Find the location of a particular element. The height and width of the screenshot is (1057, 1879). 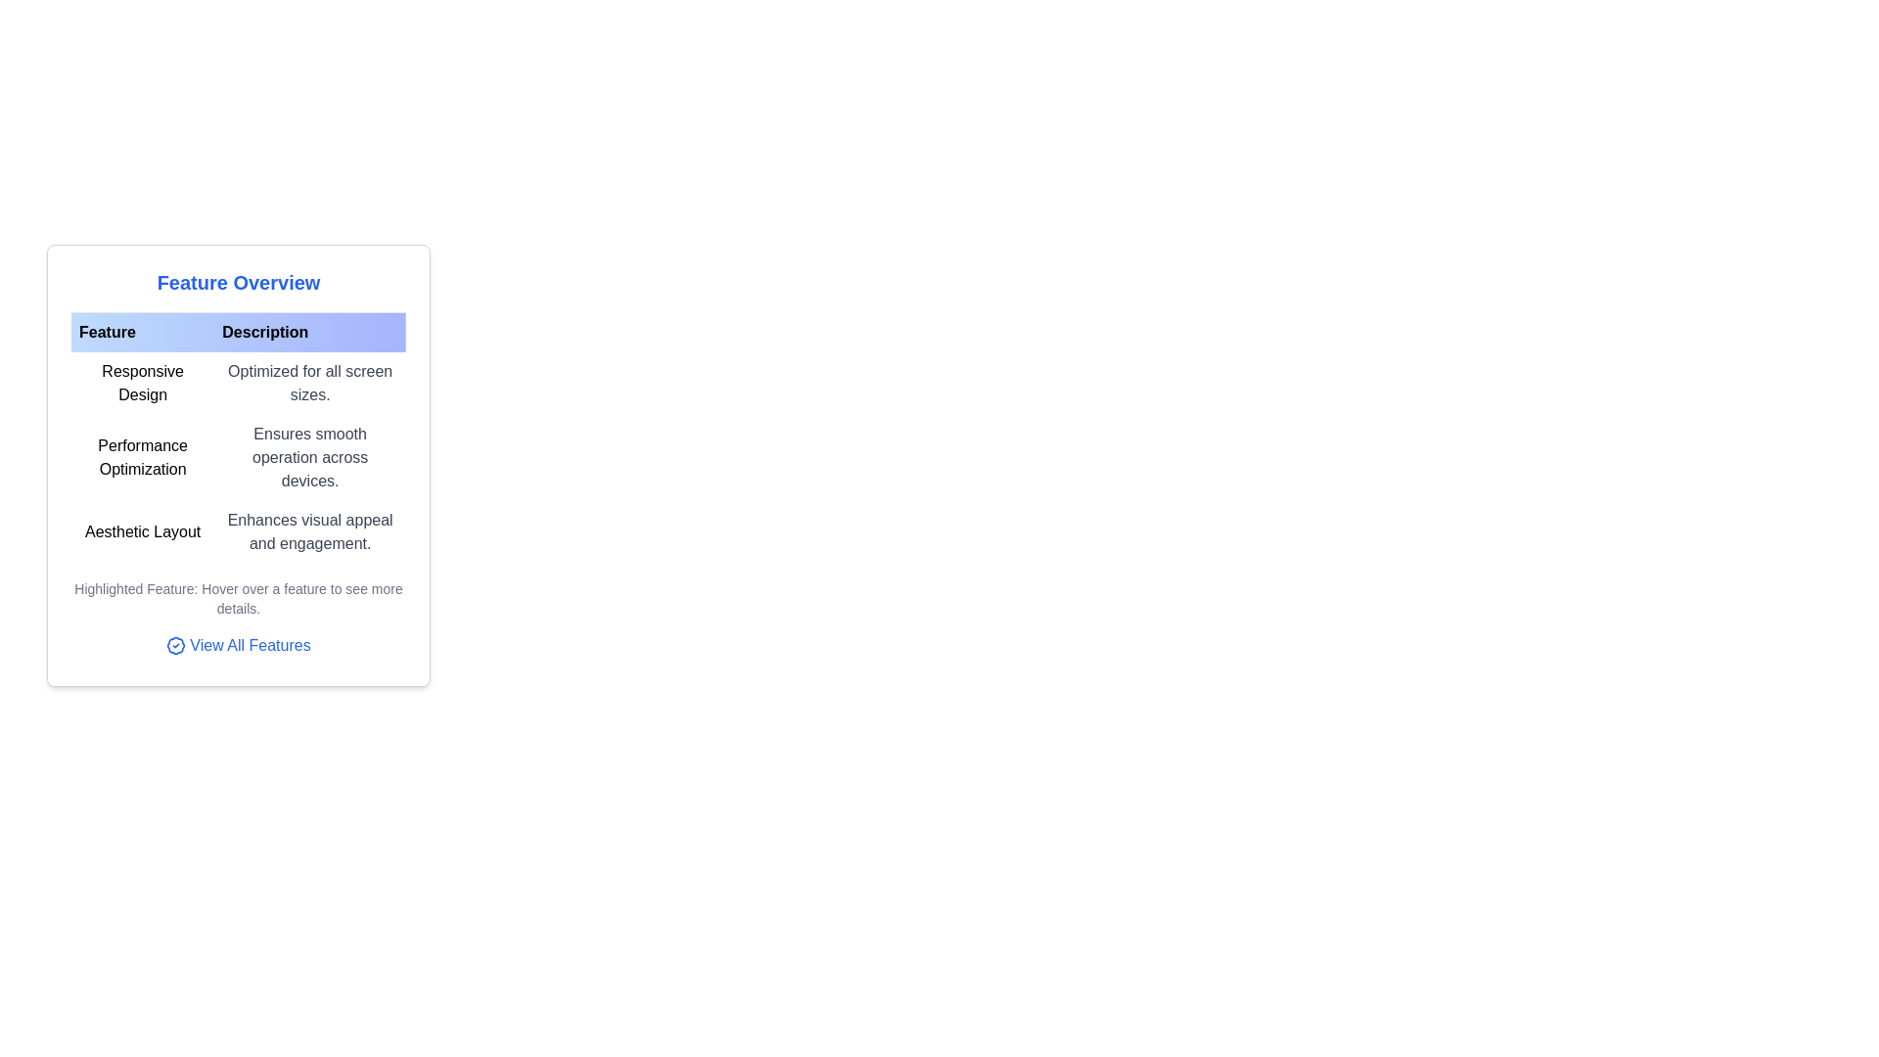

the main circular shape of the Decorative SVG graphic, which serves as a badge-like indicator for verification within the interface is located at coordinates (176, 645).